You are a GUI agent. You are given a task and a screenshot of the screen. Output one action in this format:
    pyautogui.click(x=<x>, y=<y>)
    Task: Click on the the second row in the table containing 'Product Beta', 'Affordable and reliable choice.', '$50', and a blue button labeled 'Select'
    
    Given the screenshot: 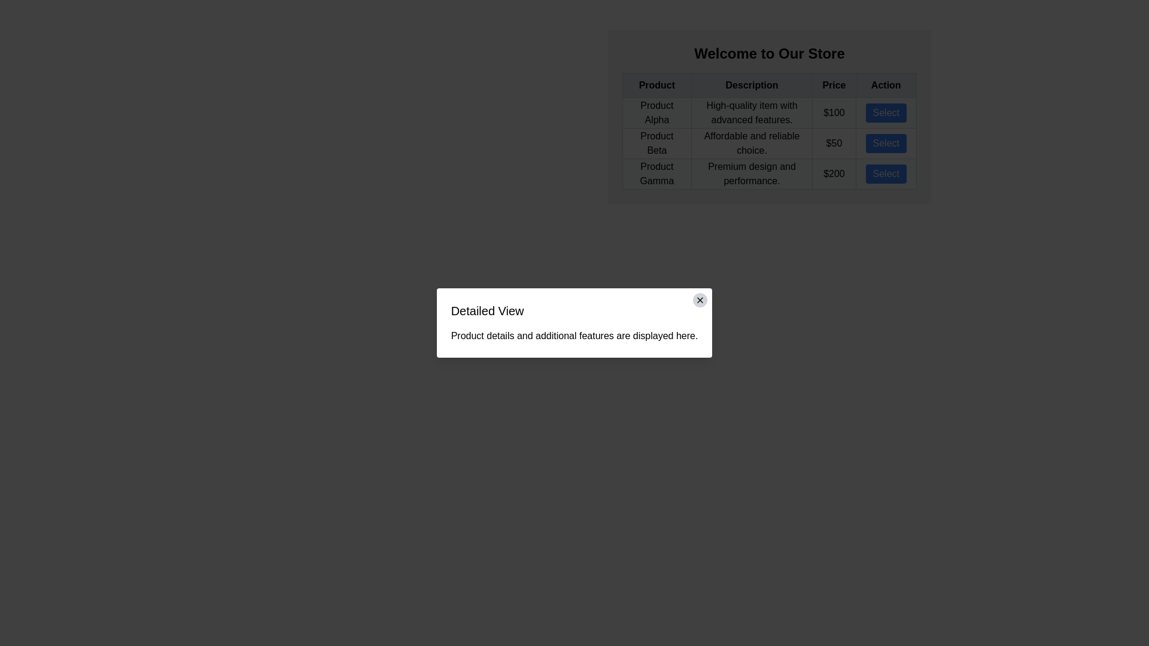 What is the action you would take?
    pyautogui.click(x=770, y=142)
    